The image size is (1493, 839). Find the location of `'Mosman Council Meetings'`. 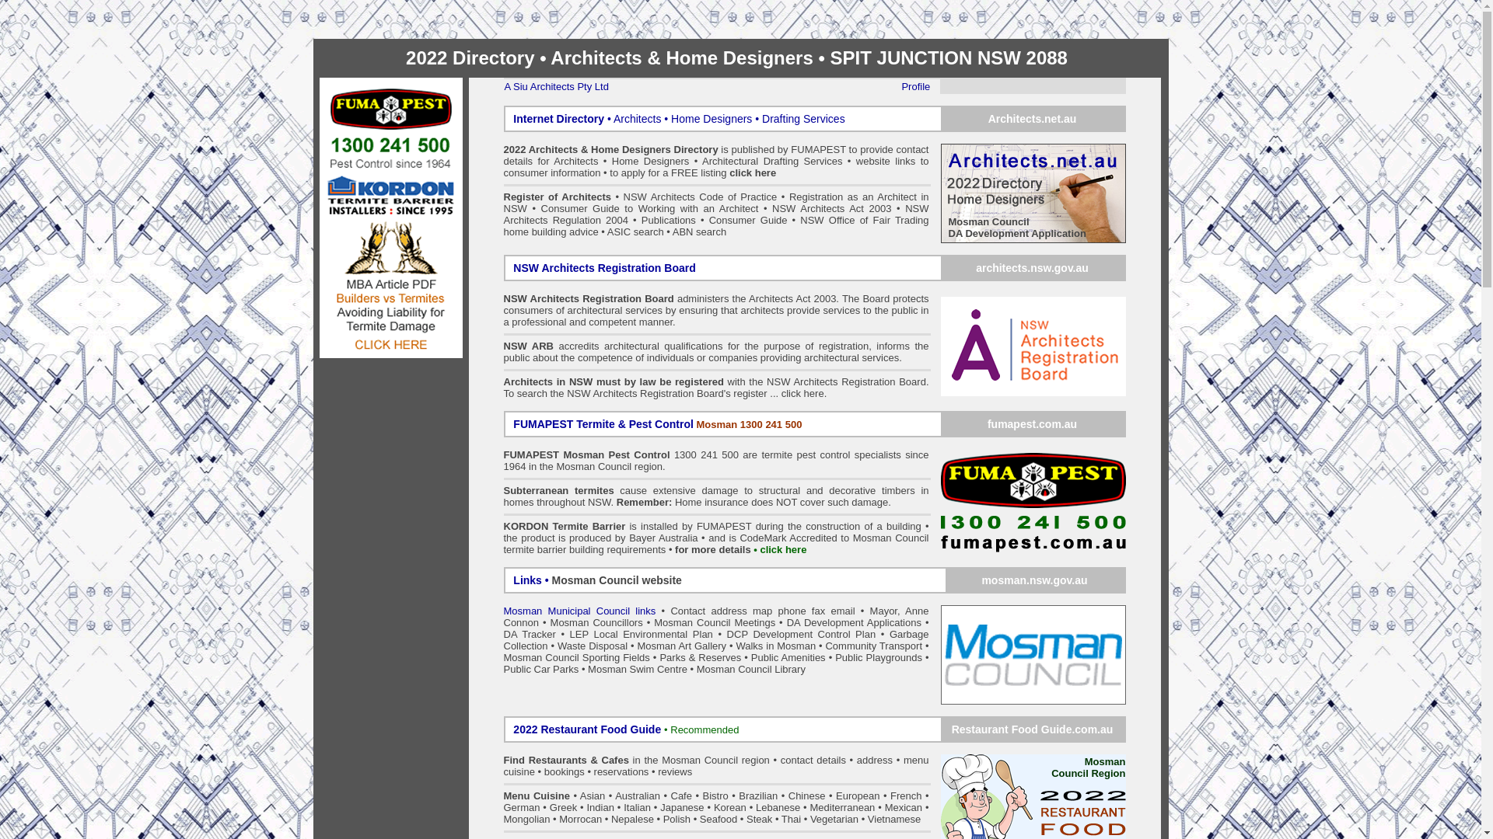

'Mosman Council Meetings' is located at coordinates (713, 621).